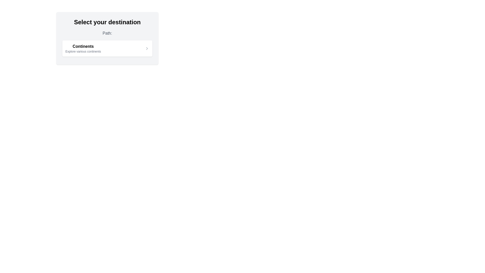 The image size is (485, 273). Describe the element at coordinates (83, 49) in the screenshot. I see `the text element with the heading 'Continents' and the subheading 'Explore various continents' that is centrally positioned beneath the header 'Select your destination'` at that location.